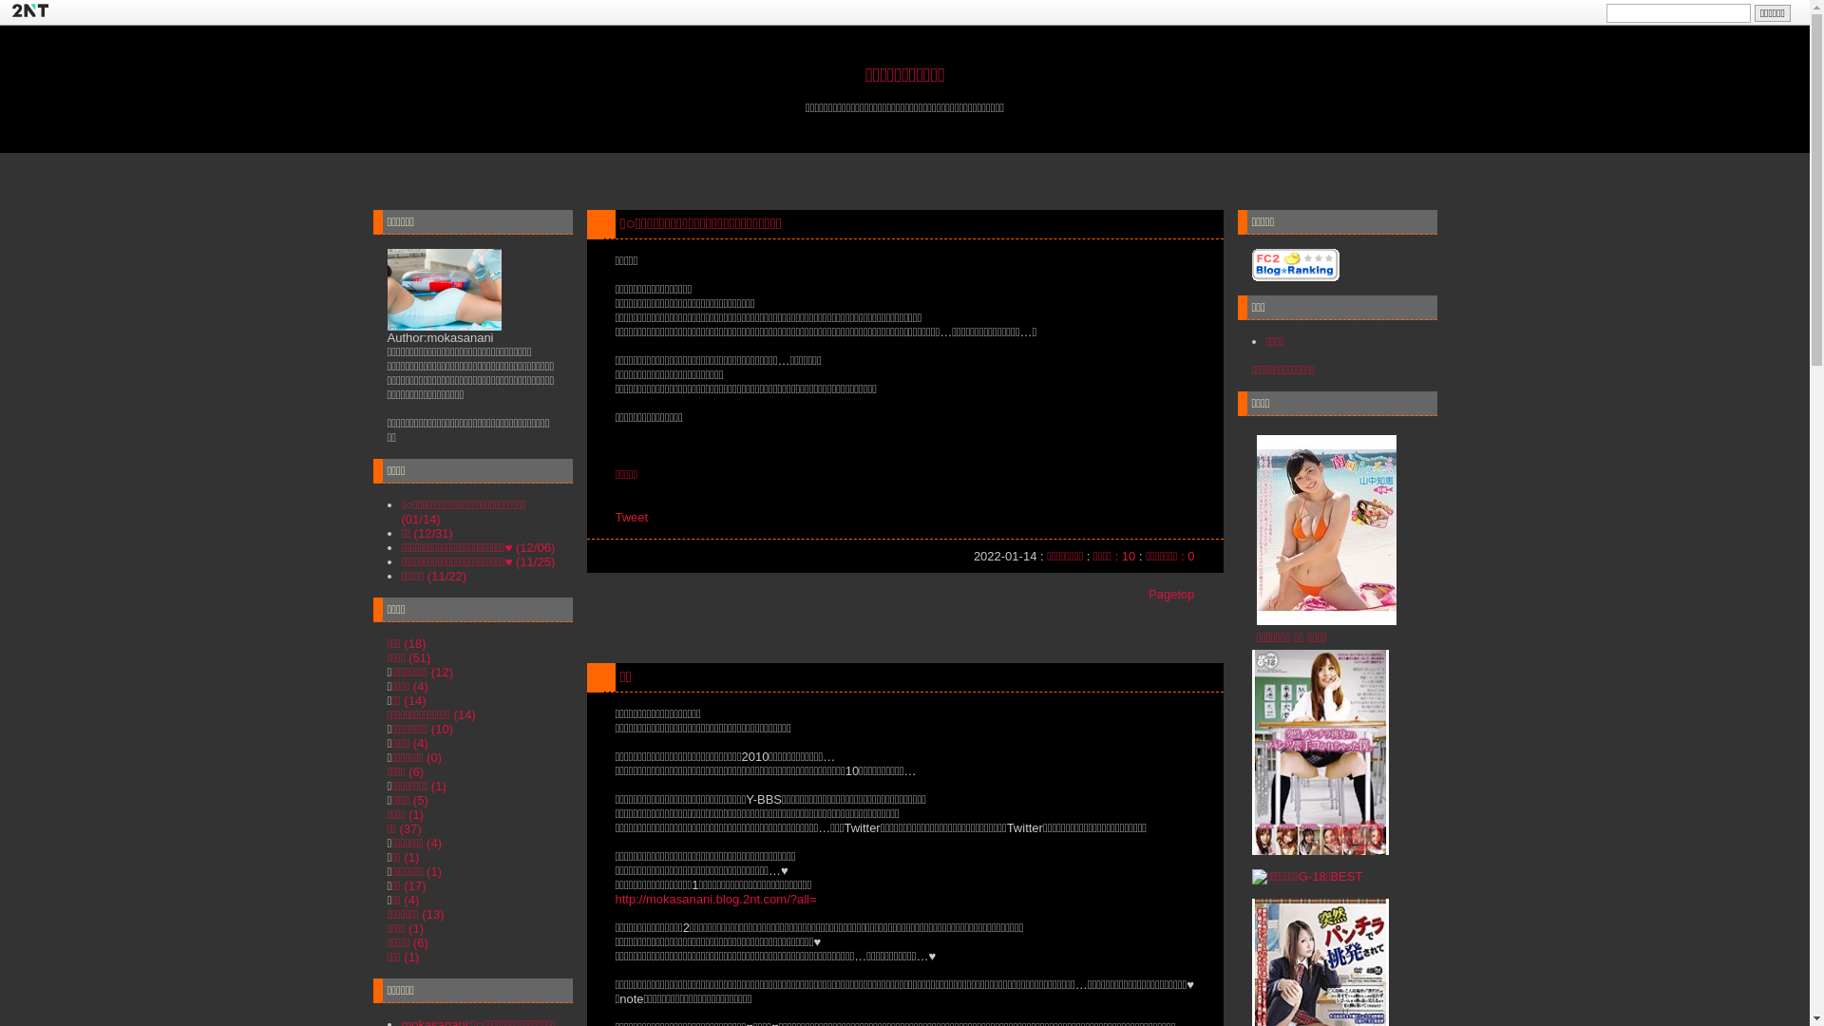 The image size is (1824, 1026). What do you see at coordinates (1170, 593) in the screenshot?
I see `'Pagetop'` at bounding box center [1170, 593].